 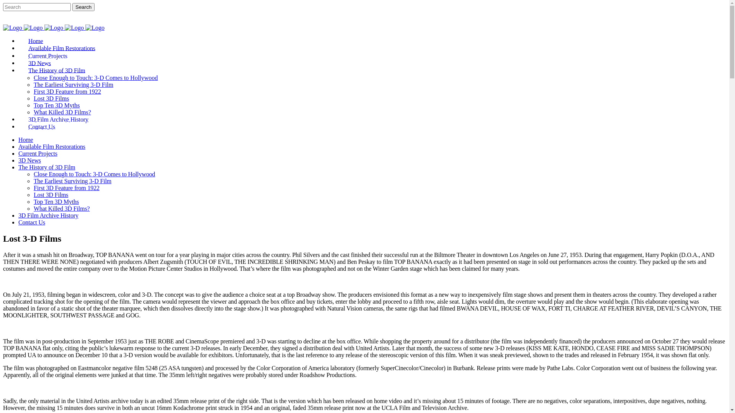 What do you see at coordinates (18, 153) in the screenshot?
I see `'Current Projects'` at bounding box center [18, 153].